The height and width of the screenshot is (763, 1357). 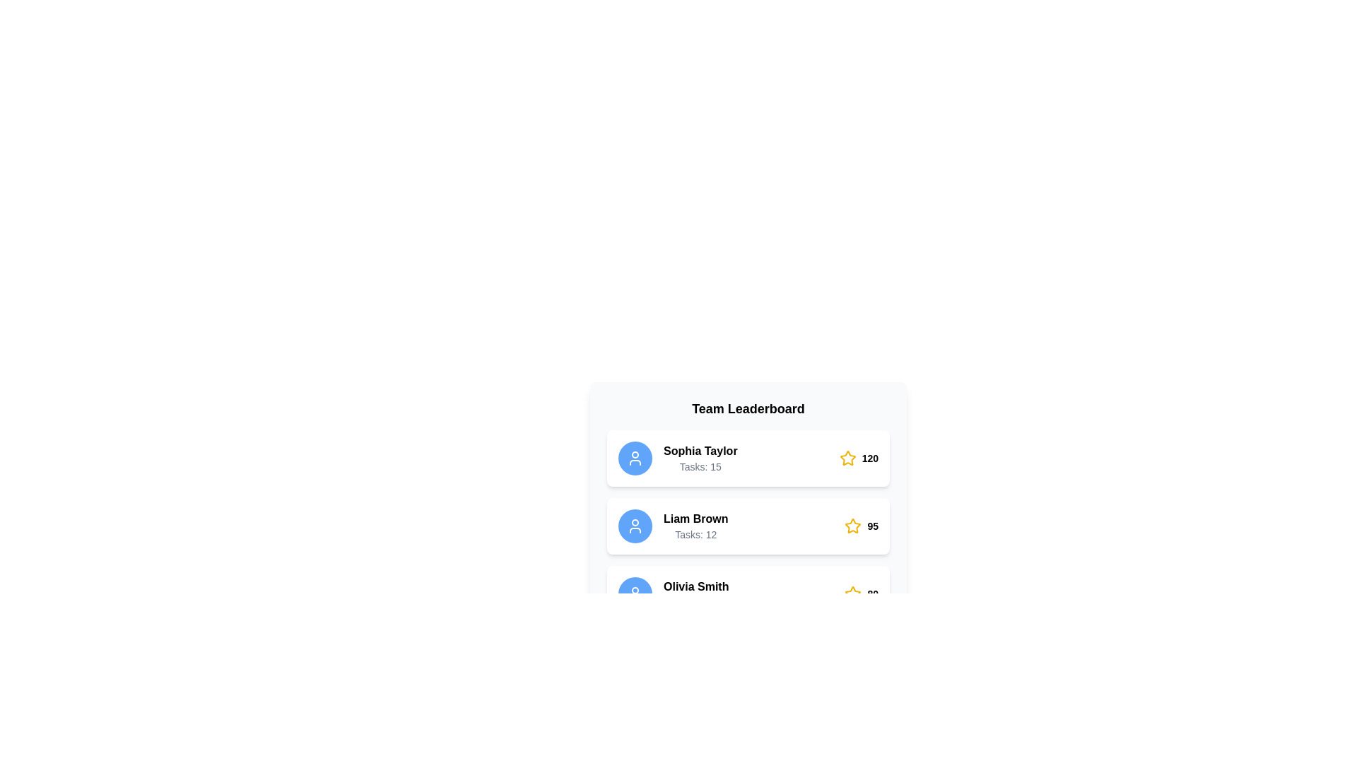 I want to click on the user icon represented as a circular outline of a head and shoulders, styled in white on a blue background, located to the left of 'Olivia Smith' and above 'Tasks' in the leaderboard, so click(x=634, y=593).